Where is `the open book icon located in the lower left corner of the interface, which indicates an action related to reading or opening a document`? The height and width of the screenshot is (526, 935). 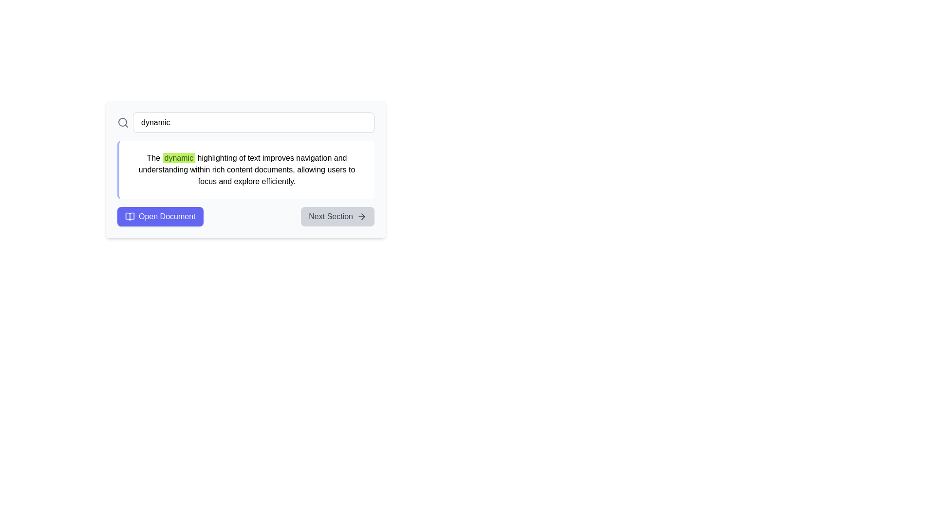
the open book icon located in the lower left corner of the interface, which indicates an action related to reading or opening a document is located at coordinates (130, 216).